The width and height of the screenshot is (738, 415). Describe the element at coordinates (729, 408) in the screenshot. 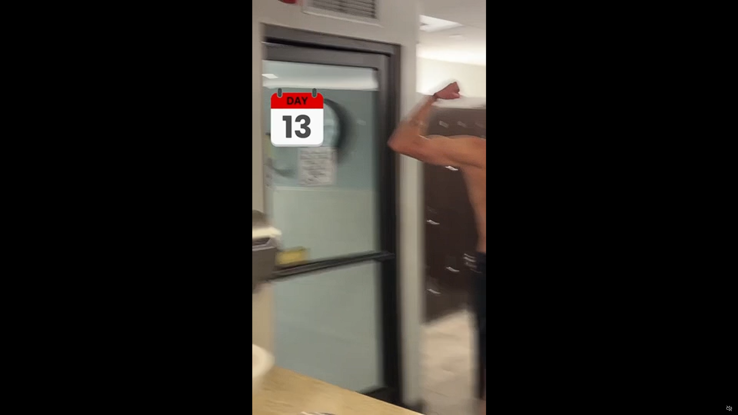

I see `'Unmute'` at that location.